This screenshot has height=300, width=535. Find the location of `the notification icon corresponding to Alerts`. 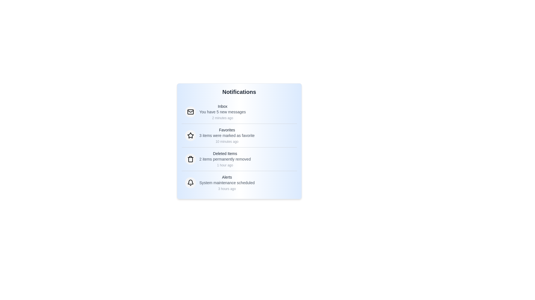

the notification icon corresponding to Alerts is located at coordinates (190, 183).